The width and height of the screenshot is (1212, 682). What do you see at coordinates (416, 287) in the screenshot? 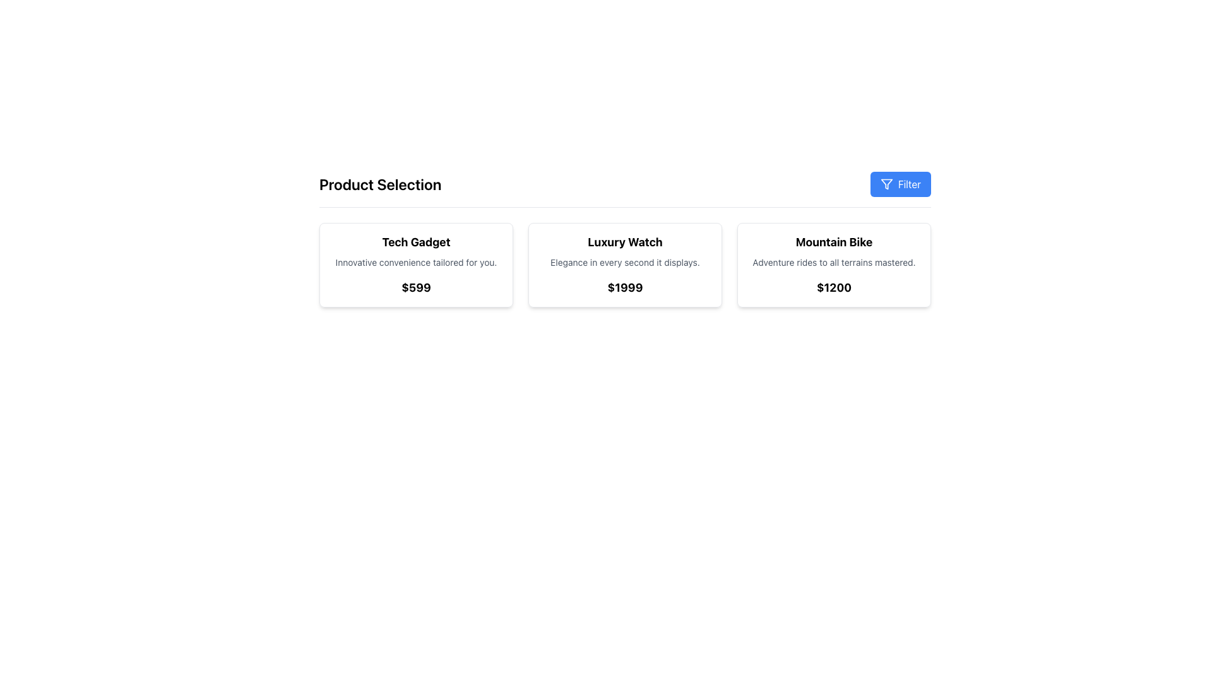
I see `price displayed in the text label showing '$599', which is located at the bottom section of the 'Tech Gadget' product card` at bounding box center [416, 287].